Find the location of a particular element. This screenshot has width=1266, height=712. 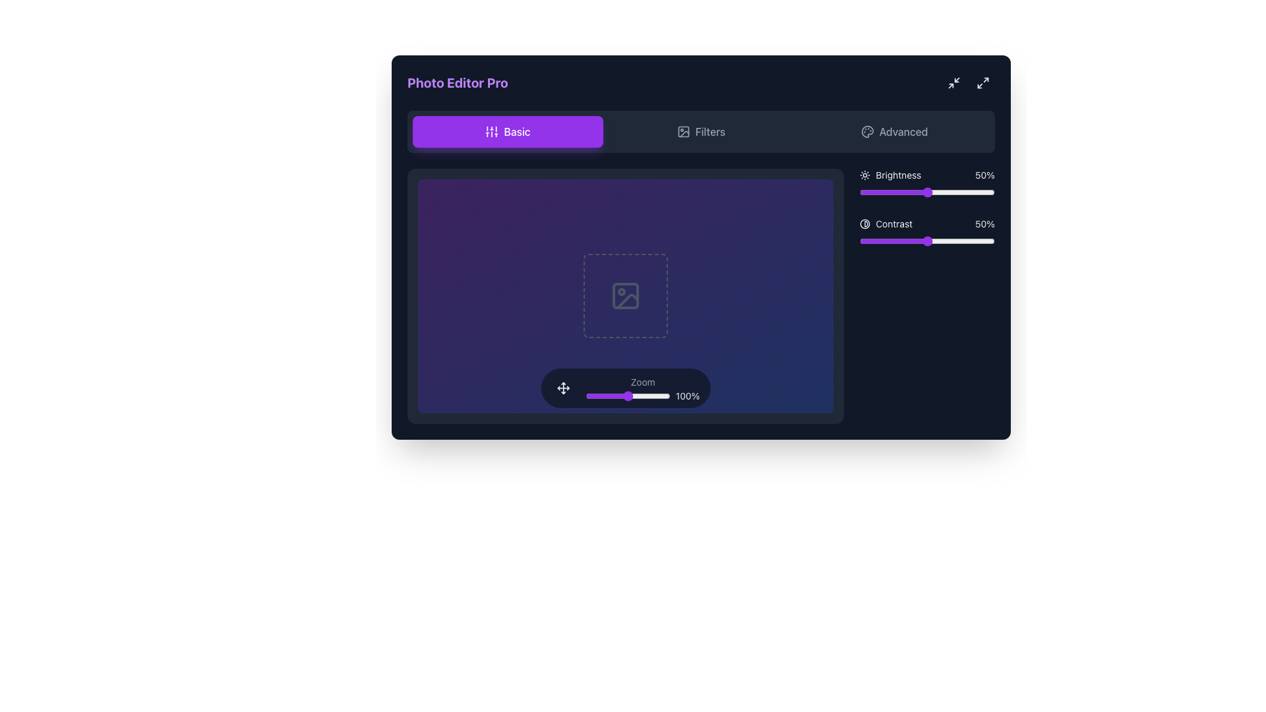

slider value is located at coordinates (883, 193).